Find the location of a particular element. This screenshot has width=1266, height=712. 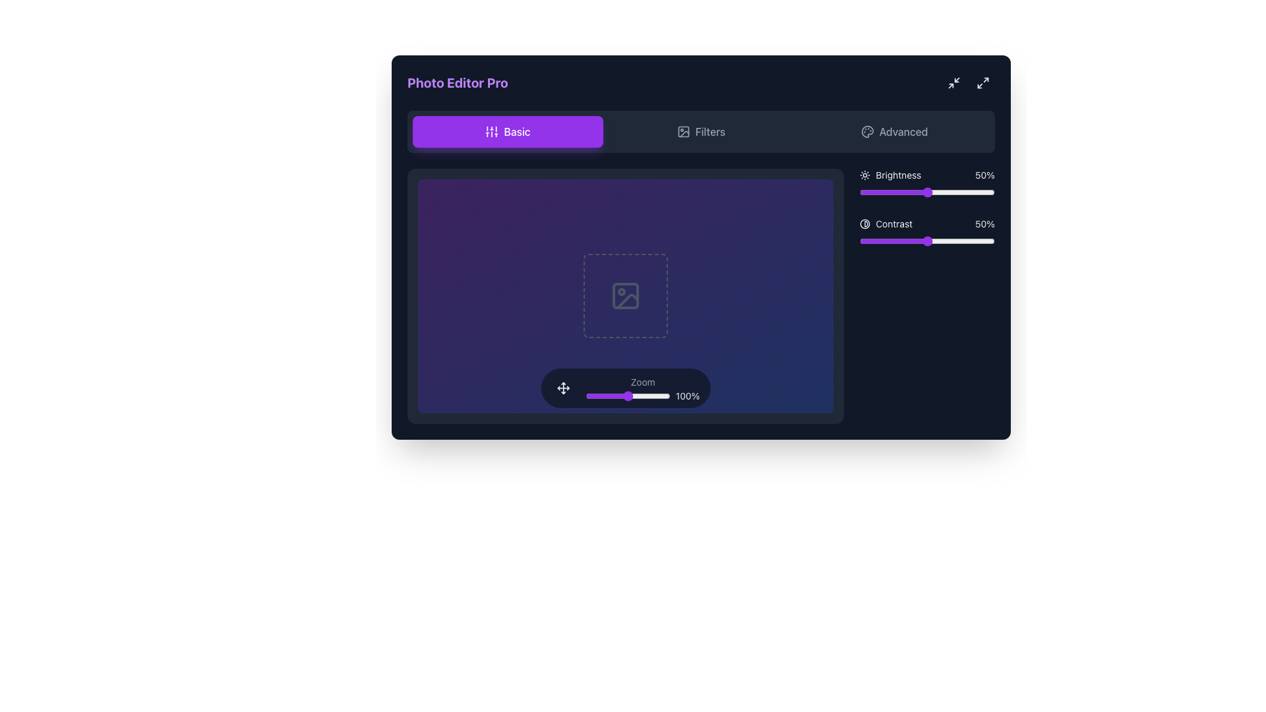

slider value is located at coordinates (883, 193).